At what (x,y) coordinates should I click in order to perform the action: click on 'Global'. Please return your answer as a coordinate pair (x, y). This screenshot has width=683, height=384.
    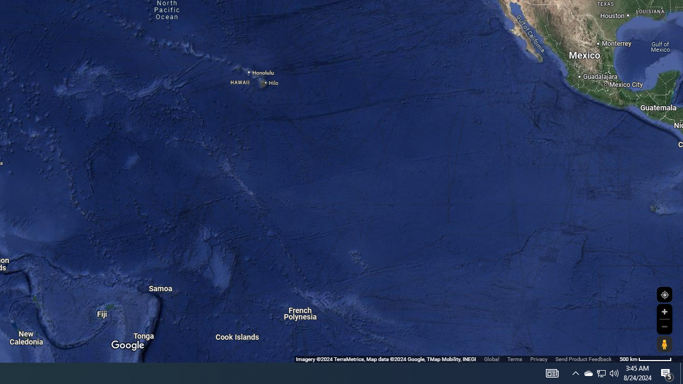
    Looking at the image, I should click on (491, 359).